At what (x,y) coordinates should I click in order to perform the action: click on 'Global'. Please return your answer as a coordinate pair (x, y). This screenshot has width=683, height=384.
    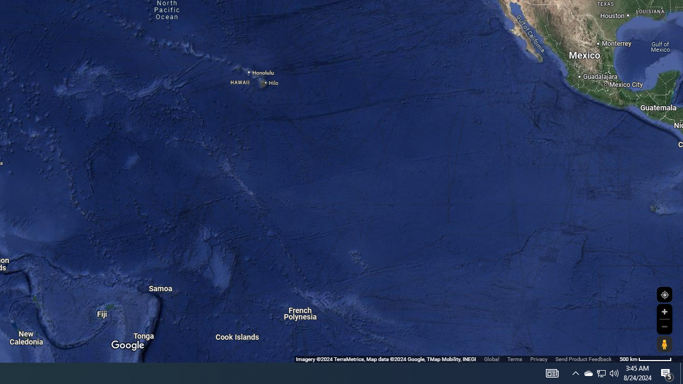
    Looking at the image, I should click on (491, 359).